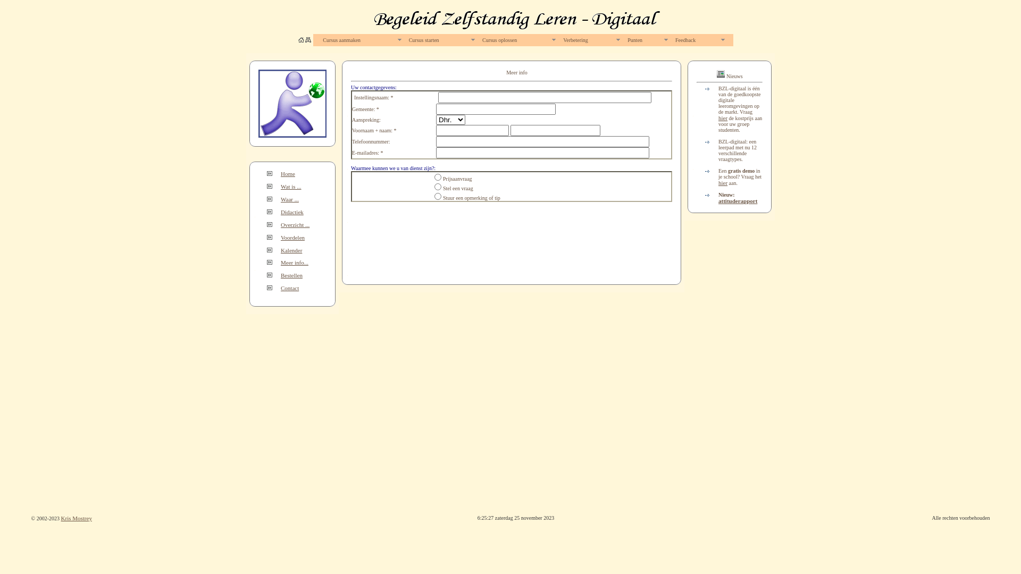 This screenshot has height=574, width=1021. I want to click on 'Voordelen', so click(292, 237).